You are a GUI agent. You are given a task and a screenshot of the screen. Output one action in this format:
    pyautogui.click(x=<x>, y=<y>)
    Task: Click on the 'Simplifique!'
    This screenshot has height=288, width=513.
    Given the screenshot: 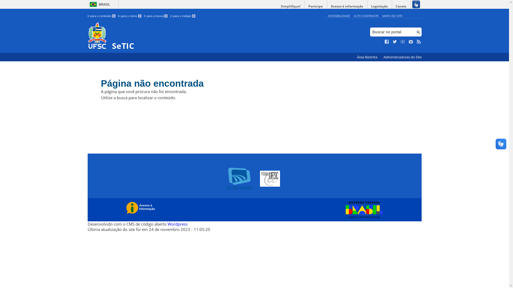 What is the action you would take?
    pyautogui.click(x=290, y=6)
    